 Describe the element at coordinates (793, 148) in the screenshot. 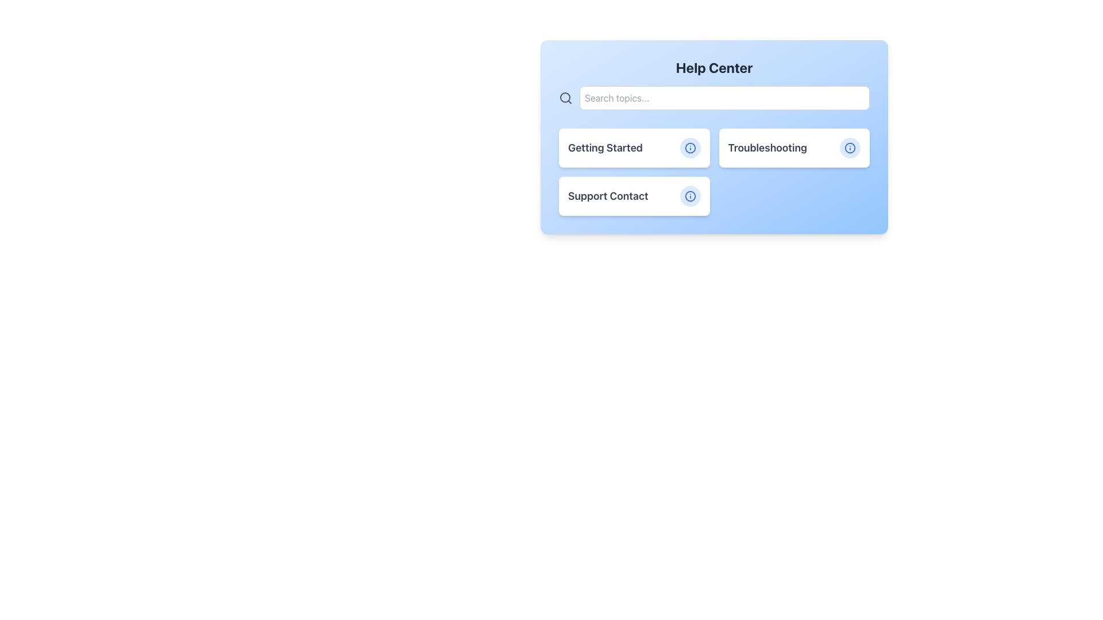

I see `the 'Troubleshooting' button located in the top-right section of the button group` at that location.